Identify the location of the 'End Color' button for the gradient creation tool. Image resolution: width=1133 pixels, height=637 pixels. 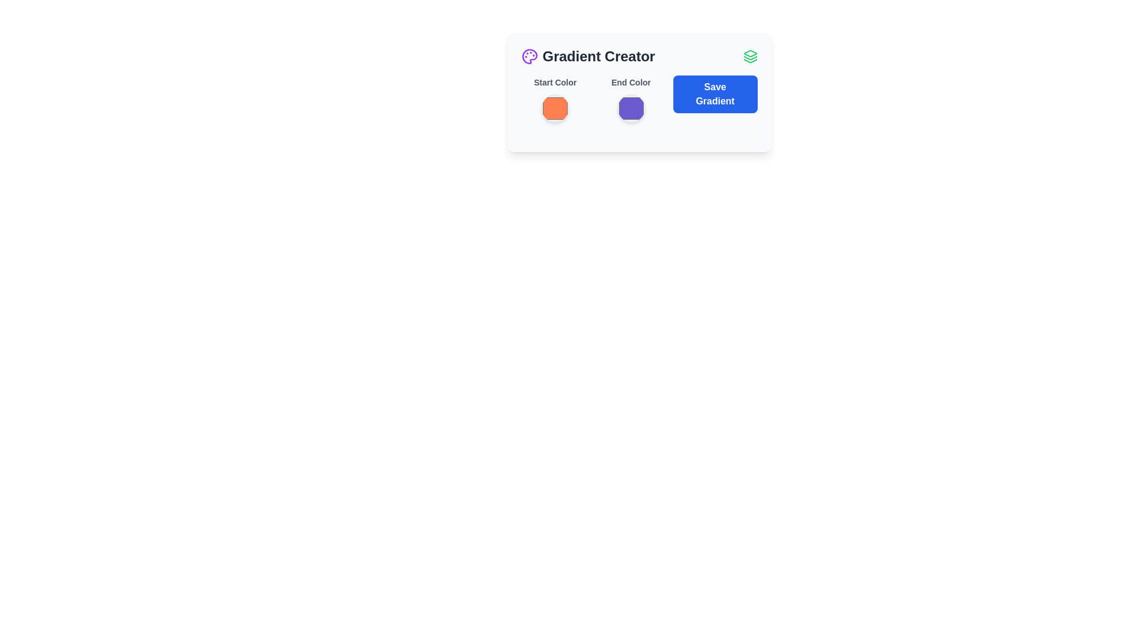
(630, 109).